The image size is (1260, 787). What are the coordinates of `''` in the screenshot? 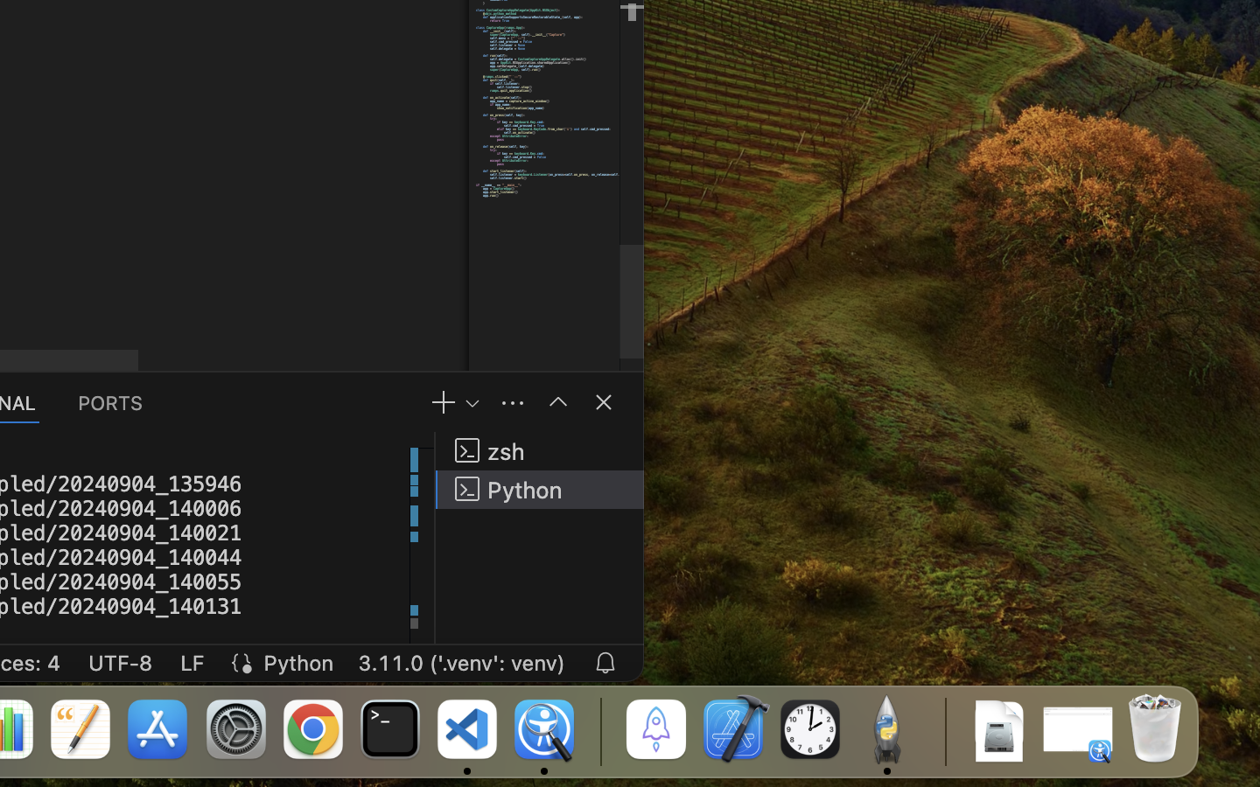 It's located at (557, 400).